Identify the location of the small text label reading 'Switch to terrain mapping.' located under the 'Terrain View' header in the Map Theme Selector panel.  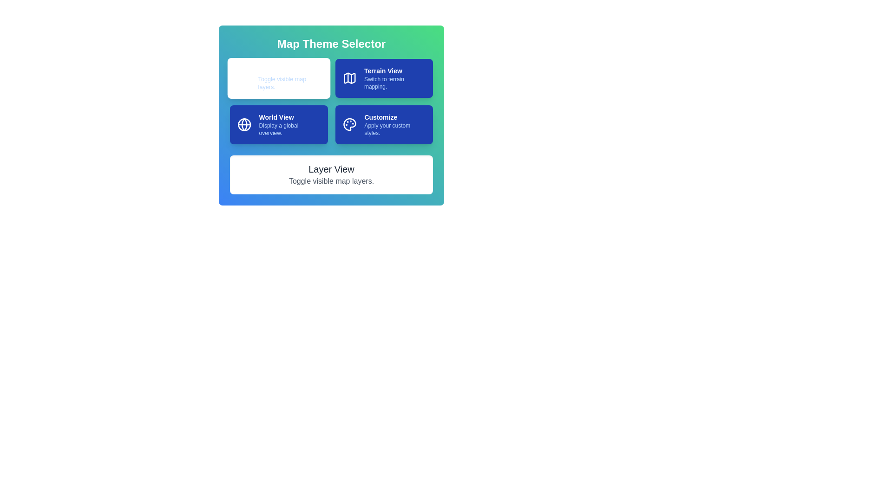
(394, 82).